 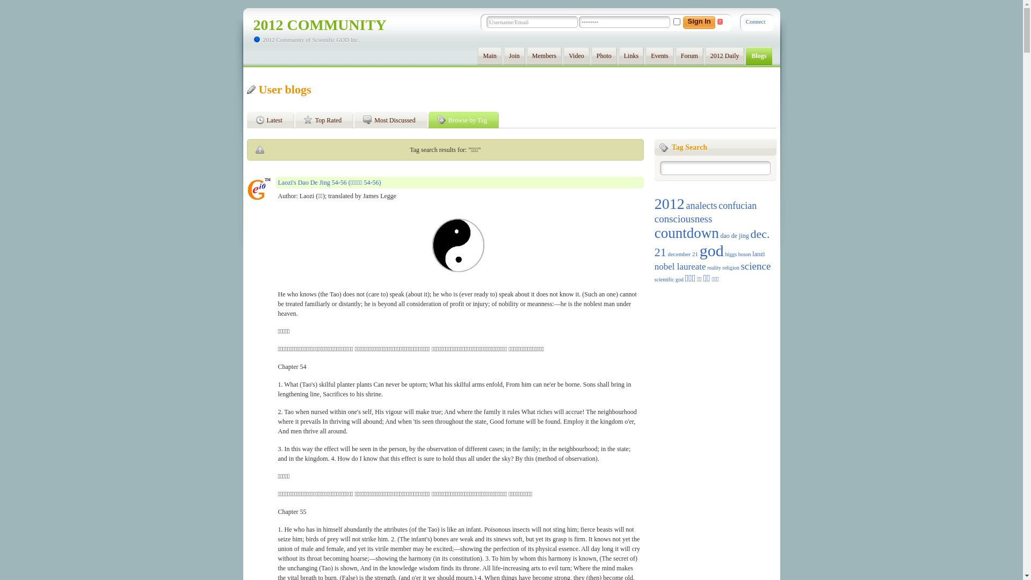 What do you see at coordinates (711, 250) in the screenshot?
I see `'god'` at bounding box center [711, 250].